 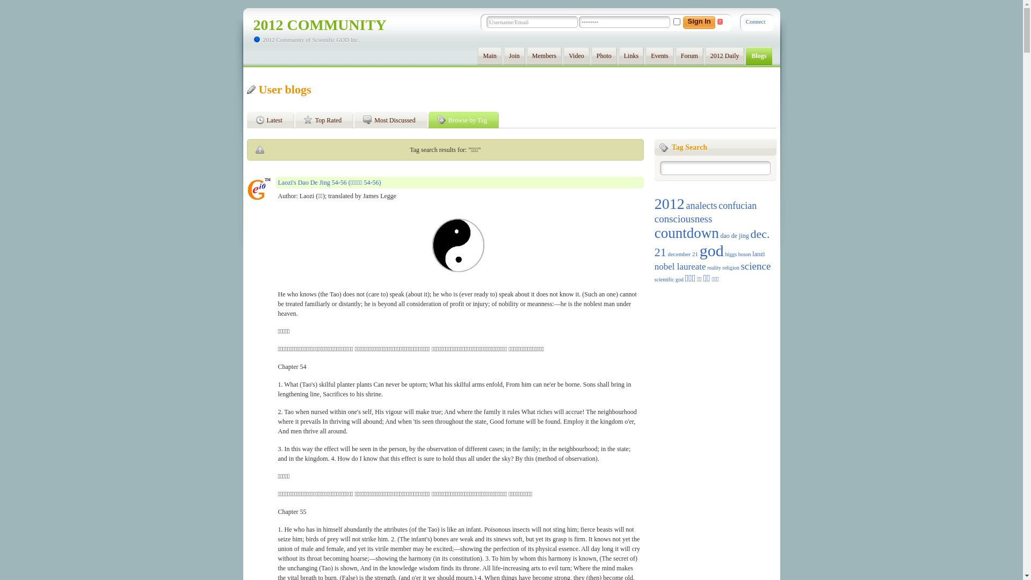 What do you see at coordinates (711, 250) in the screenshot?
I see `'god'` at bounding box center [711, 250].